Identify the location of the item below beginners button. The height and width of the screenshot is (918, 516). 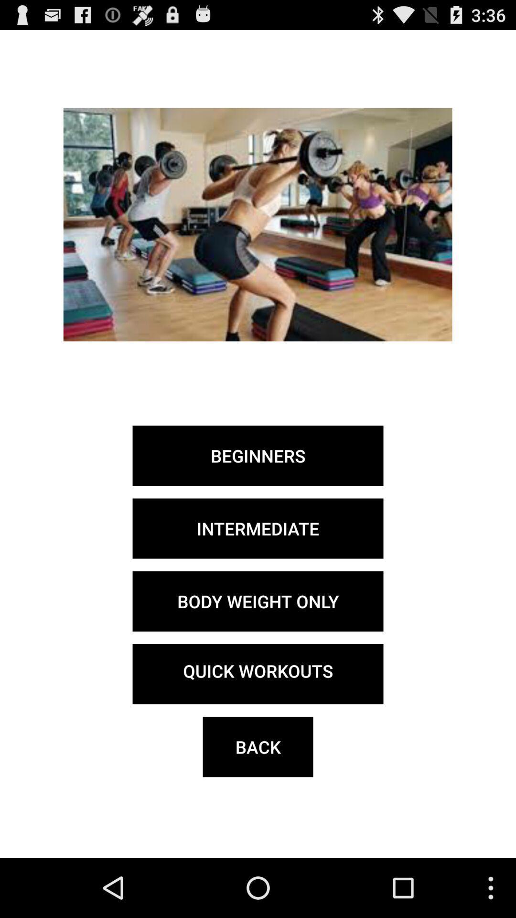
(258, 528).